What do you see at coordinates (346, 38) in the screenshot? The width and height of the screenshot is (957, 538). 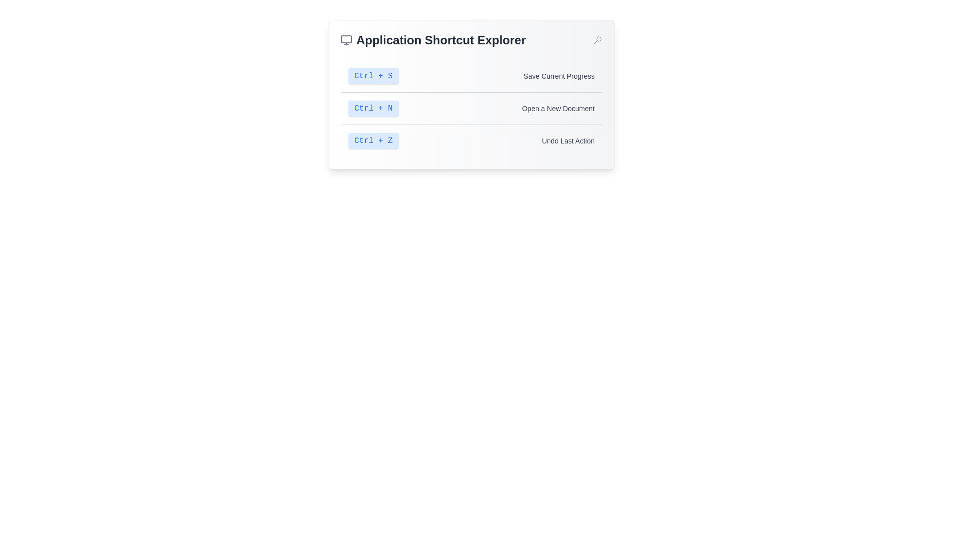 I see `the main rectangular body of the monitor icon, which is a rounded rectangular graphical element located in the upper left corner of the application layout` at bounding box center [346, 38].